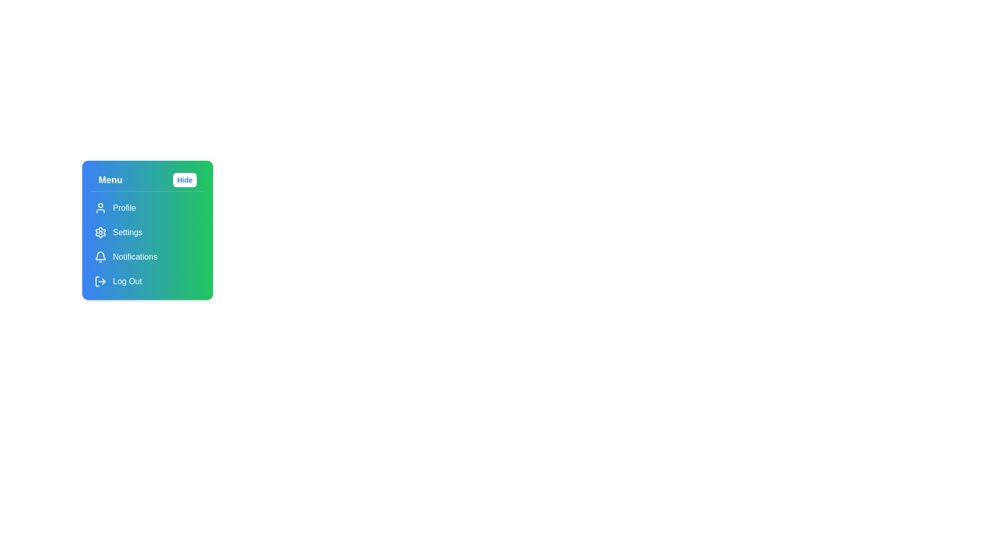  Describe the element at coordinates (100, 257) in the screenshot. I see `the bell icon` at that location.